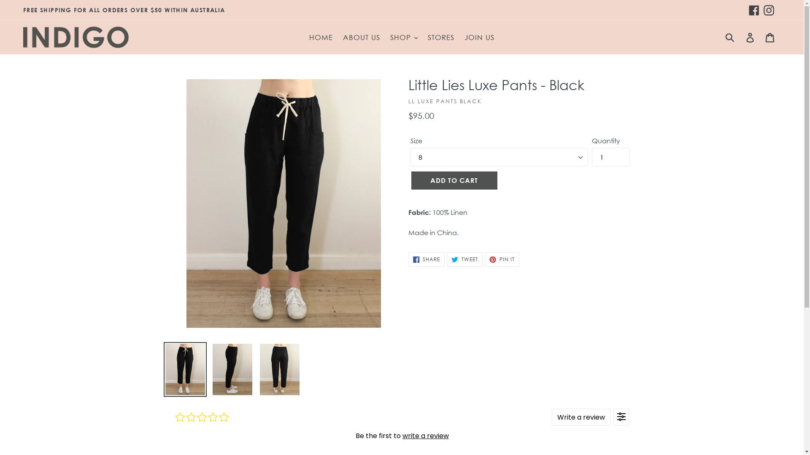 This screenshot has height=455, width=810. I want to click on 'Log in', so click(740, 37).